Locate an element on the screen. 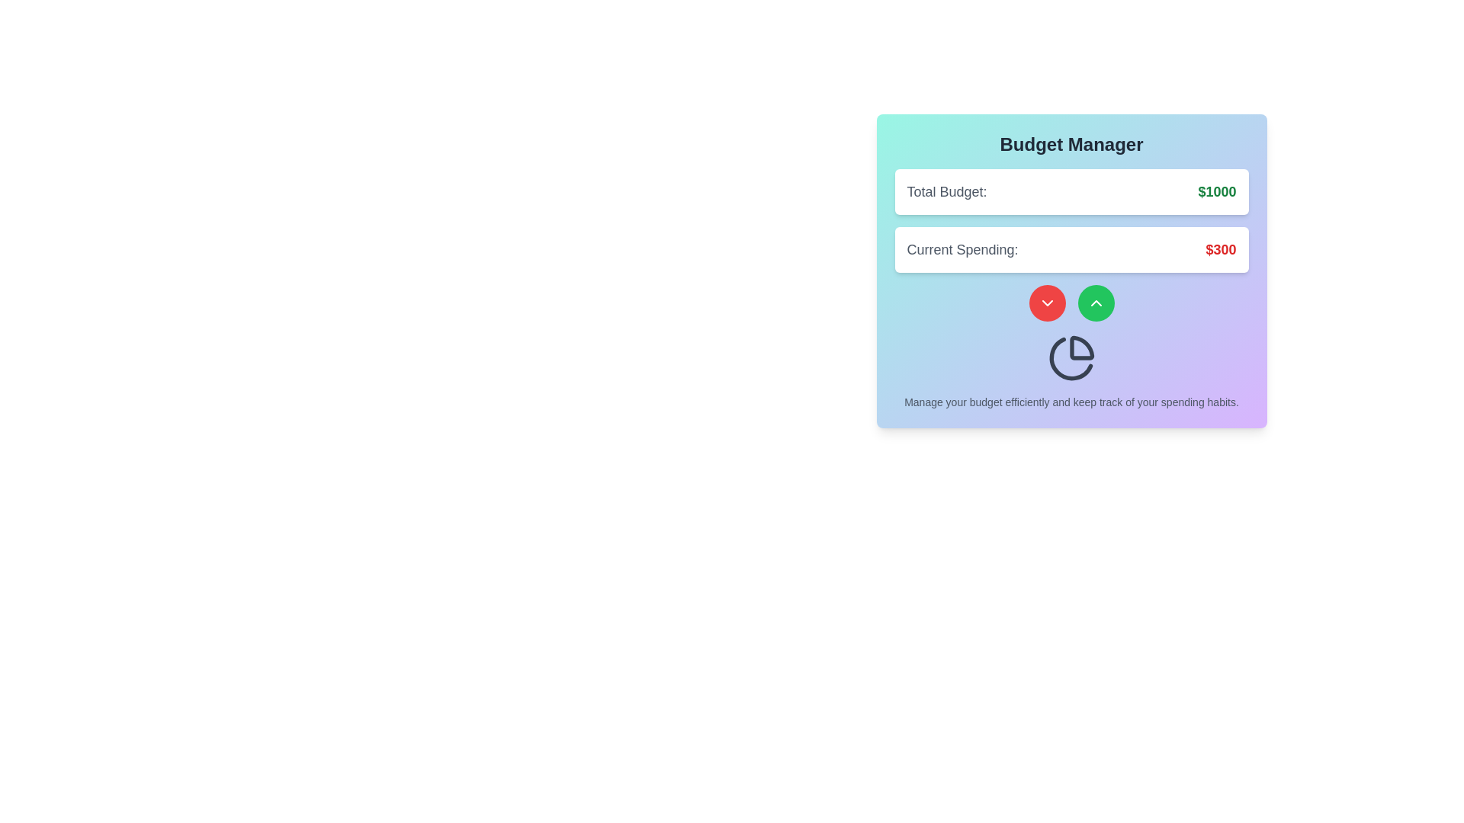 The height and width of the screenshot is (823, 1464). the pie chart icon, which is dark gray in color and located below the up and down arrow buttons in the 'Budget Manager' interface is located at coordinates (1071, 358).